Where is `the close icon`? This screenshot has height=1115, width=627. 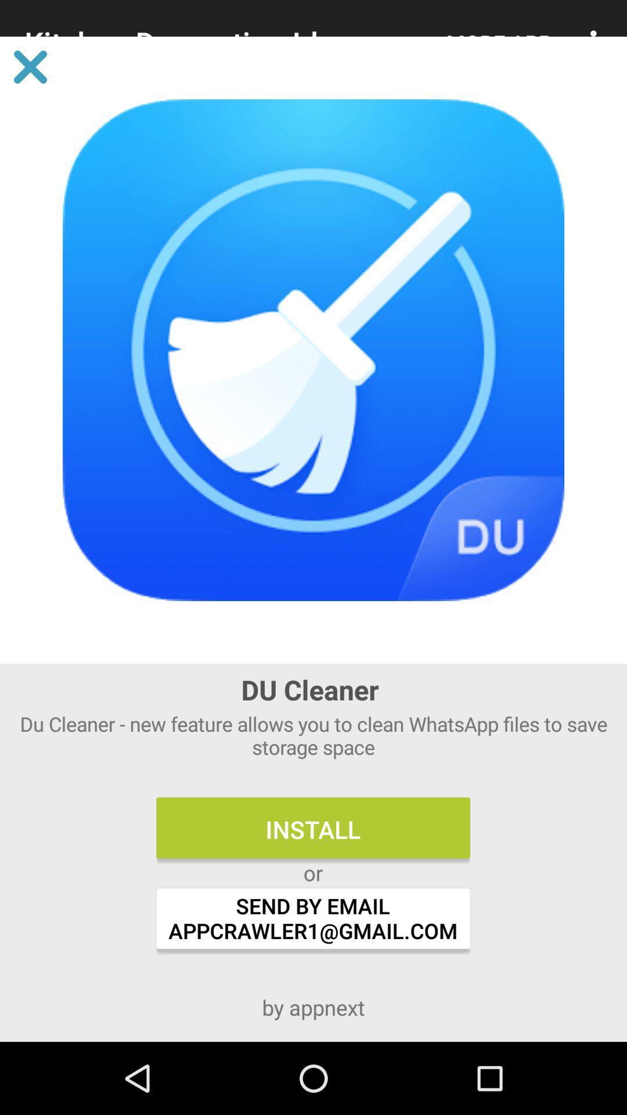
the close icon is located at coordinates (30, 66).